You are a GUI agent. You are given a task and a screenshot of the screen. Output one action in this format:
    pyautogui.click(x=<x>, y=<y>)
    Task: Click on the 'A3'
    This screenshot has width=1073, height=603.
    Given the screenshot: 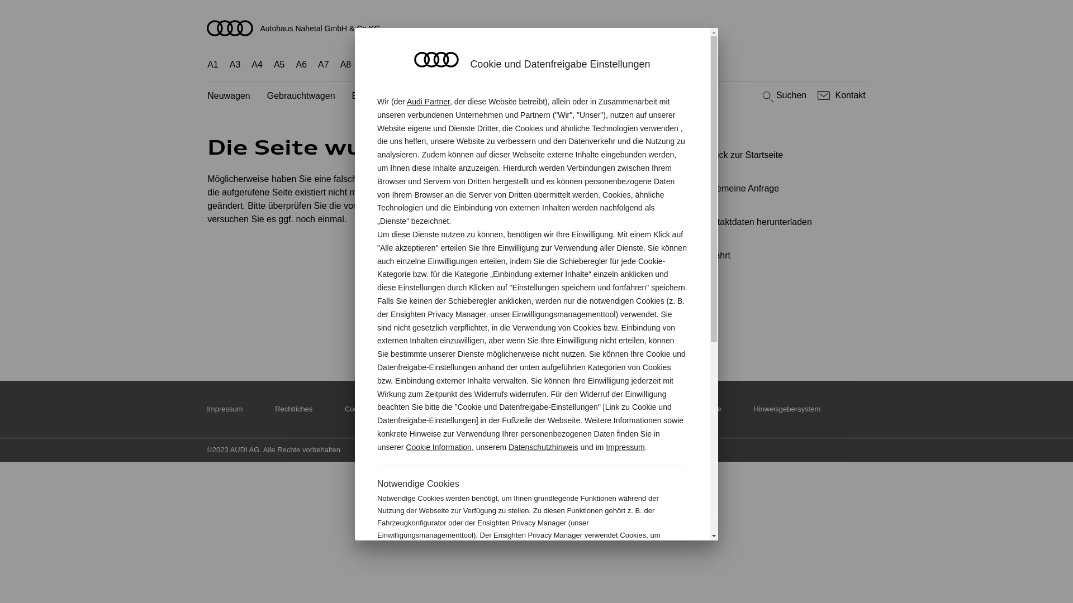 What is the action you would take?
    pyautogui.click(x=229, y=64)
    